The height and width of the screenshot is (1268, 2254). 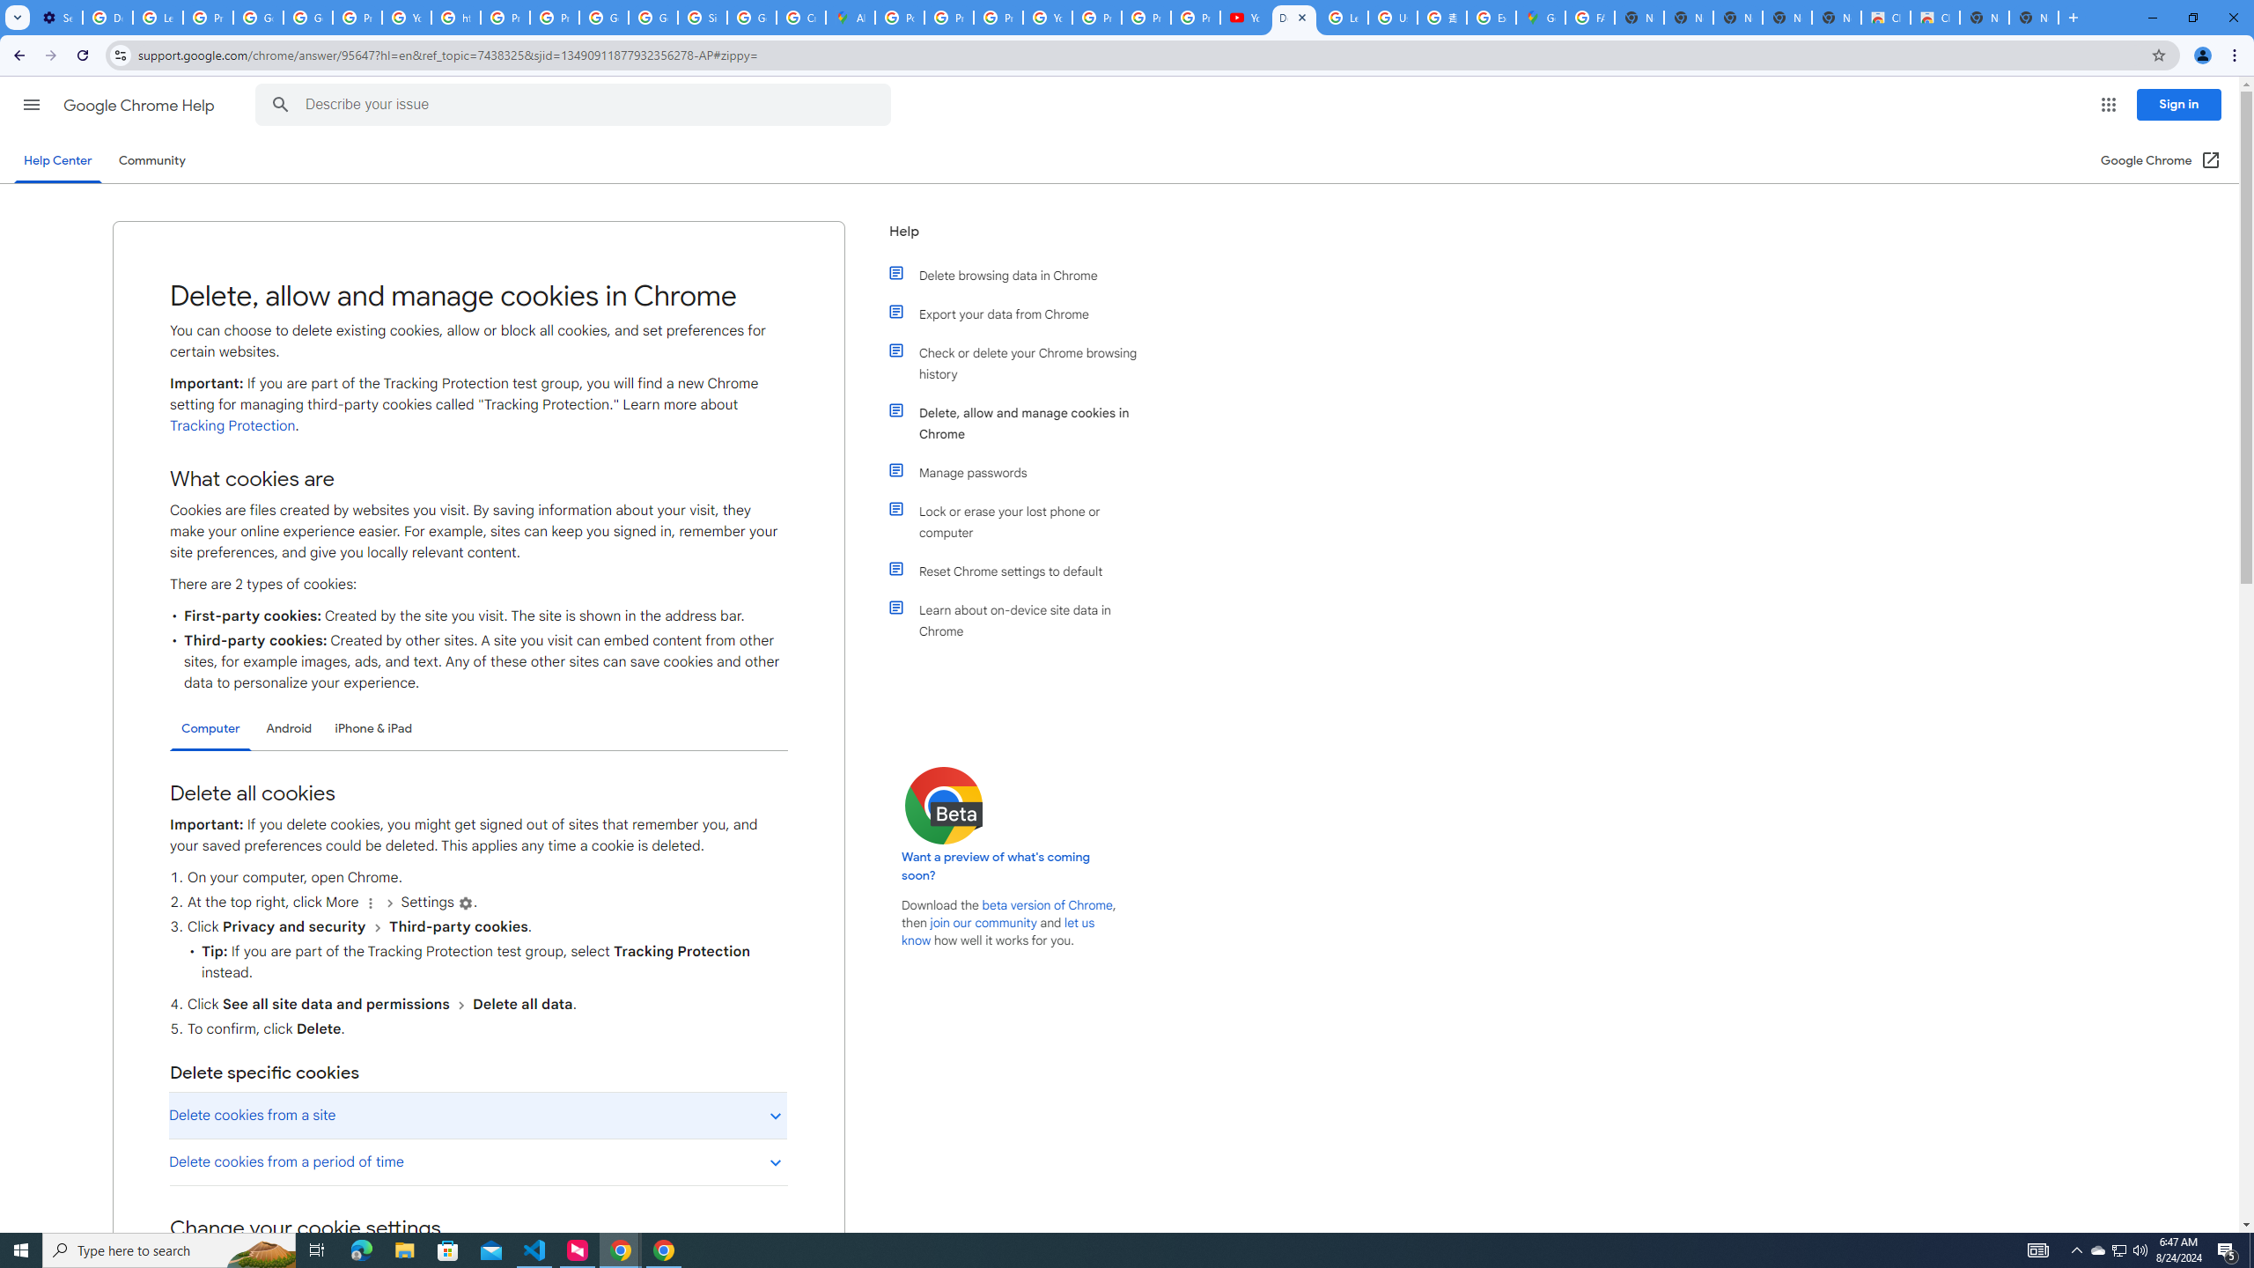 What do you see at coordinates (288, 728) in the screenshot?
I see `'Android'` at bounding box center [288, 728].